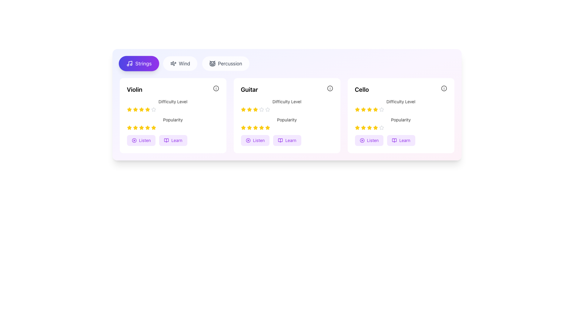  Describe the element at coordinates (144, 140) in the screenshot. I see `text label that says 'Listen' which is styled in vibrant purple and is part of an interactive button adjacent to a media playback icon` at that location.